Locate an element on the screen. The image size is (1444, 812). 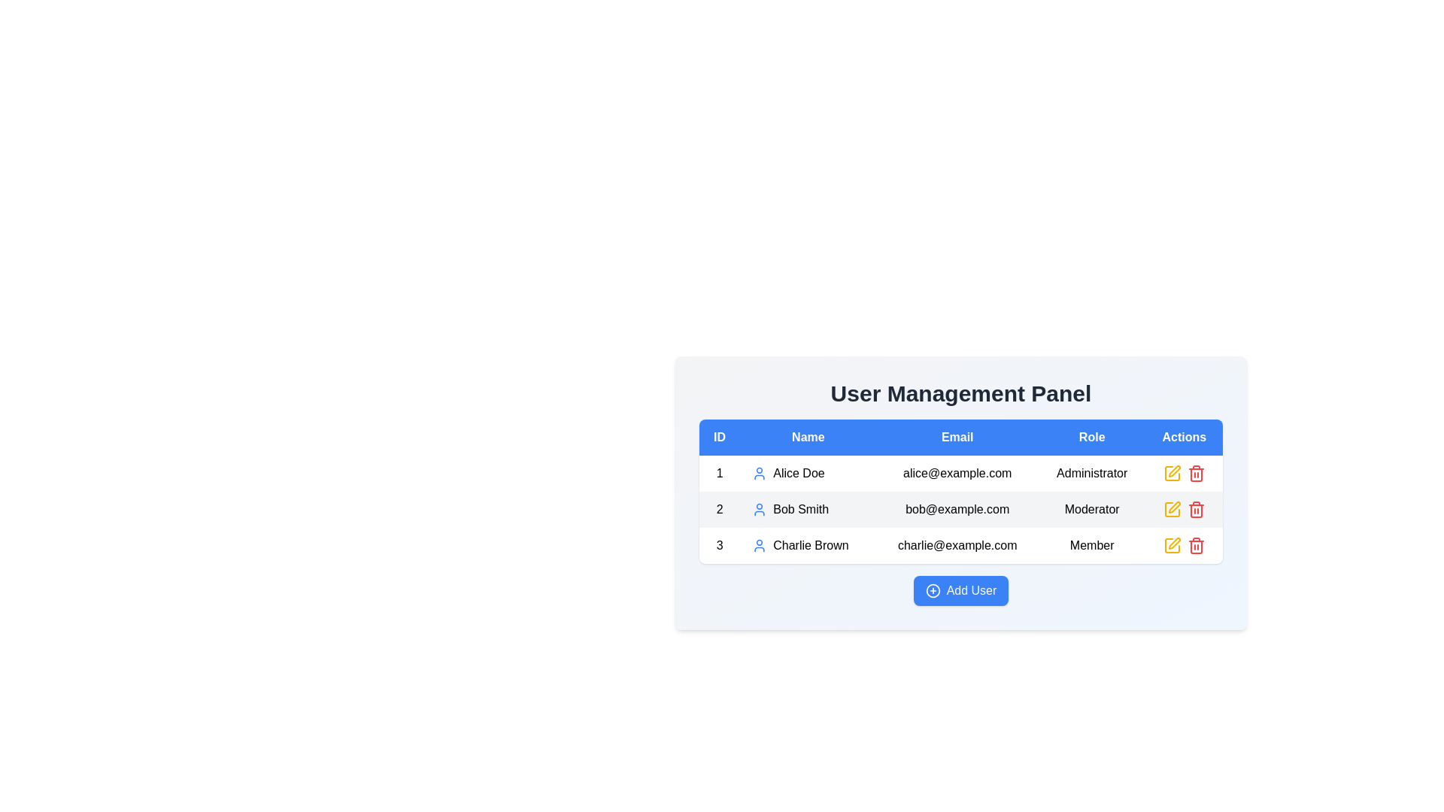
the Table Header Cell labeled 'Email', which has a blue background and white text, located in the header row of the table between 'Name' and 'Role' is located at coordinates (957, 438).